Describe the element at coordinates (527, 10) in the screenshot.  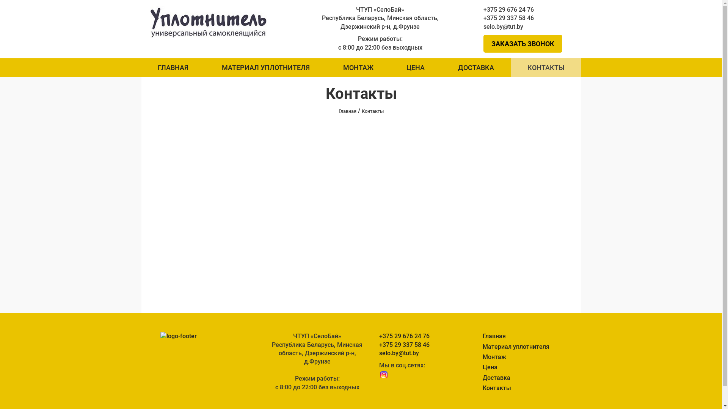
I see `'+375 29 676 24 76'` at that location.